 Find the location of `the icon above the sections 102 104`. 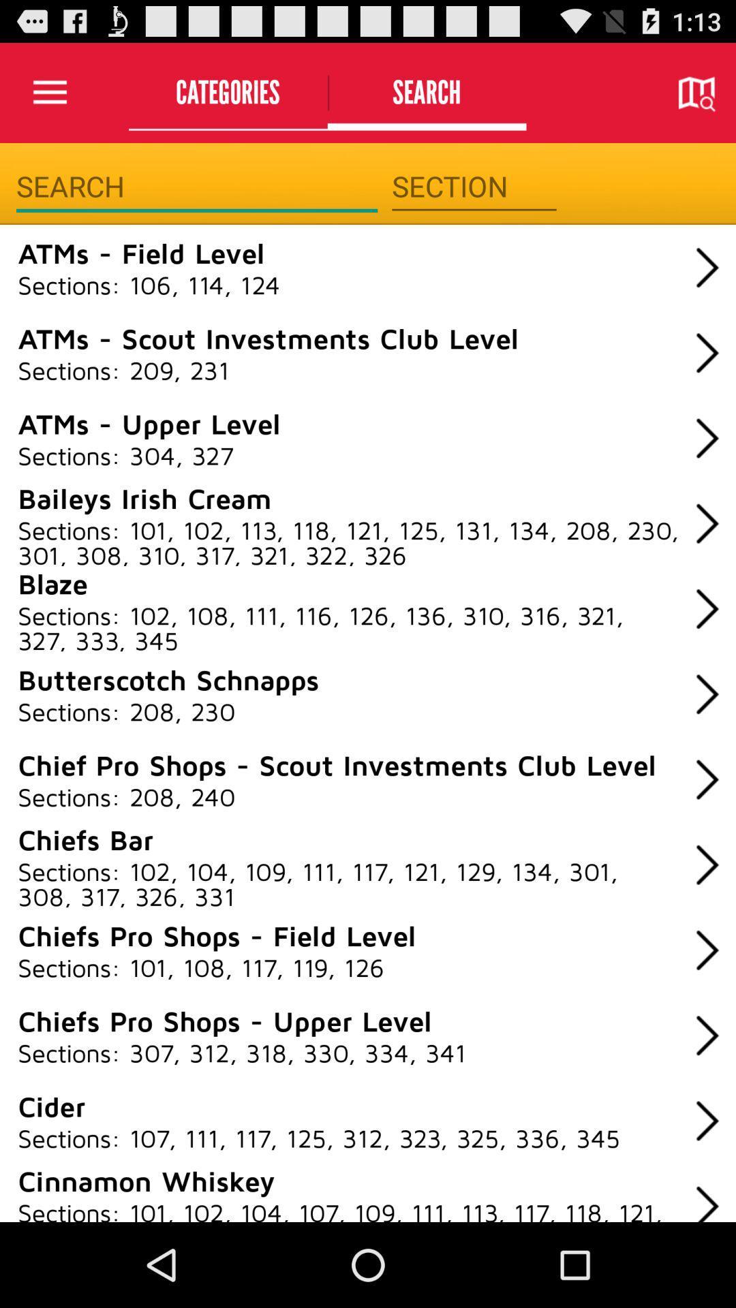

the icon above the sections 102 104 is located at coordinates (85, 838).